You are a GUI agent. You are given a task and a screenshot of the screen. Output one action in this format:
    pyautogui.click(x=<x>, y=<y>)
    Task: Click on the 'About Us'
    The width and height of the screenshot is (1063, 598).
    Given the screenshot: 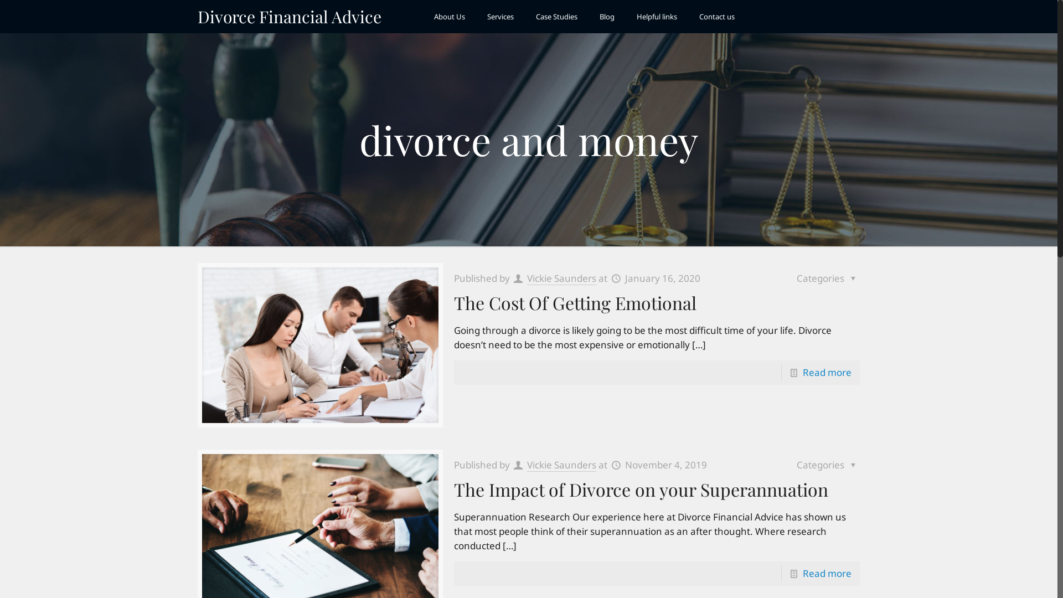 What is the action you would take?
    pyautogui.click(x=401, y=439)
    